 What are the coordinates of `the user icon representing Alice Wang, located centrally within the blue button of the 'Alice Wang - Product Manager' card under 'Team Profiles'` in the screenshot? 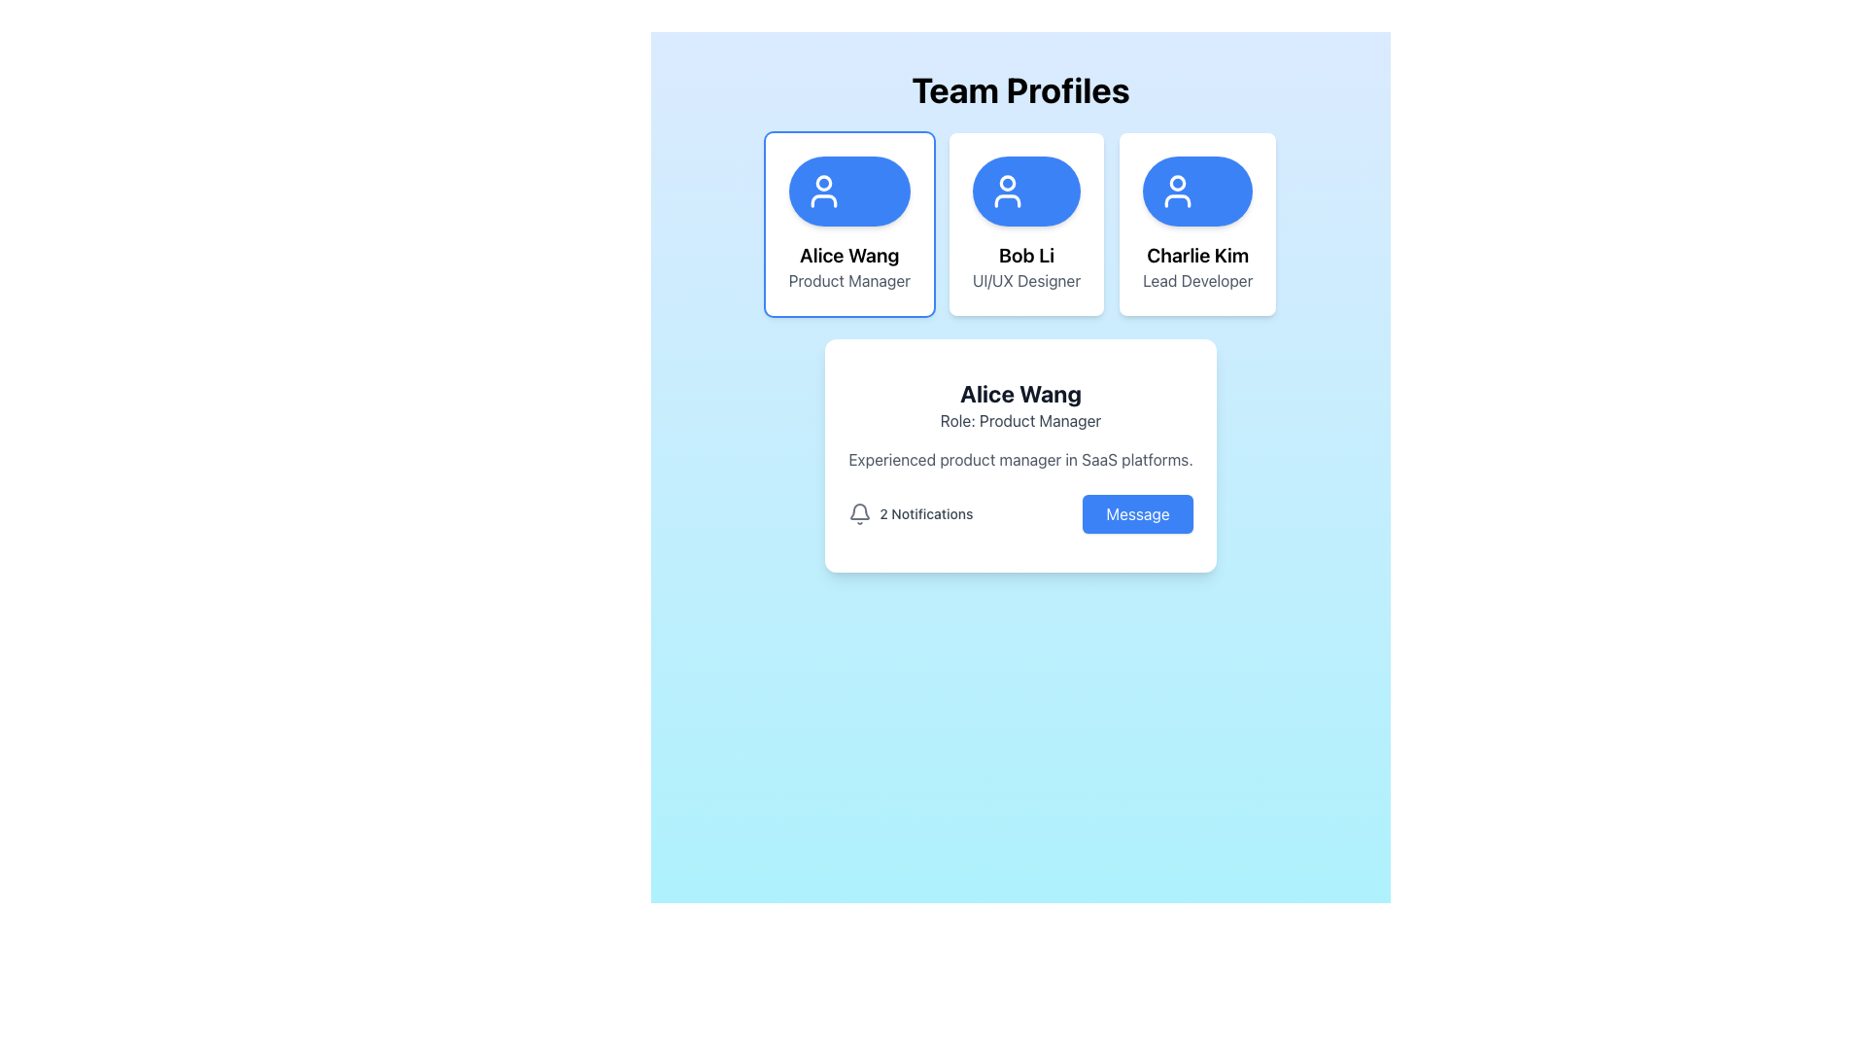 It's located at (823, 191).